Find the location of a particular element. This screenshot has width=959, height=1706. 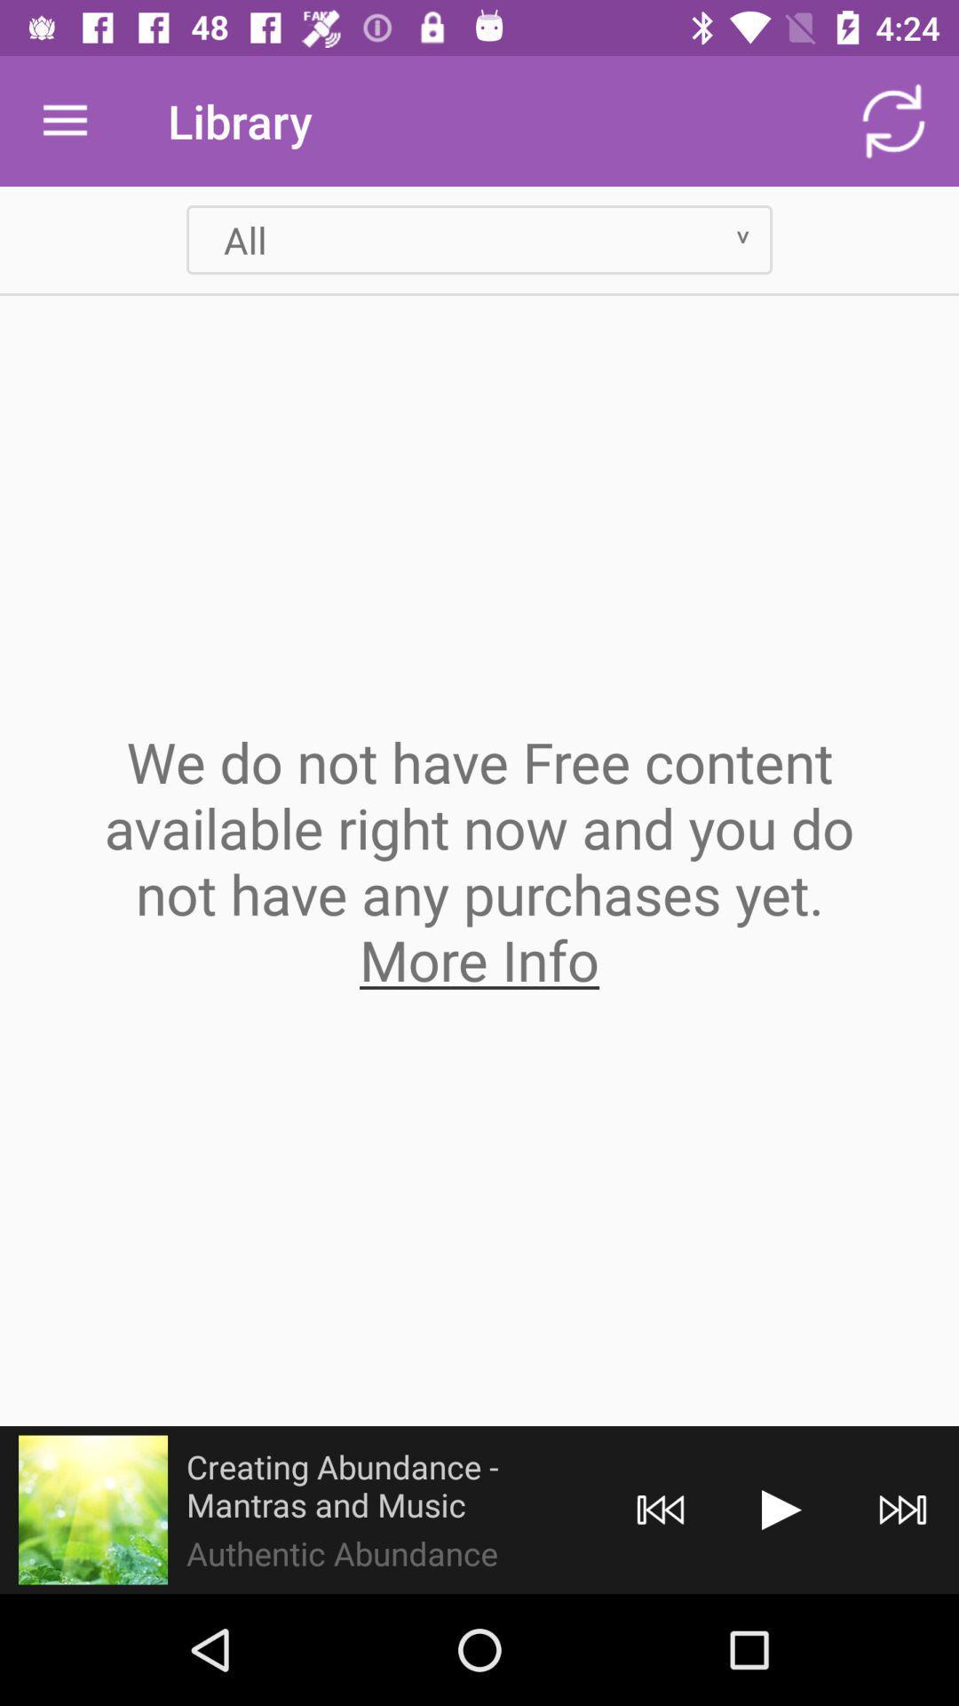

the av_rewind icon is located at coordinates (661, 1509).